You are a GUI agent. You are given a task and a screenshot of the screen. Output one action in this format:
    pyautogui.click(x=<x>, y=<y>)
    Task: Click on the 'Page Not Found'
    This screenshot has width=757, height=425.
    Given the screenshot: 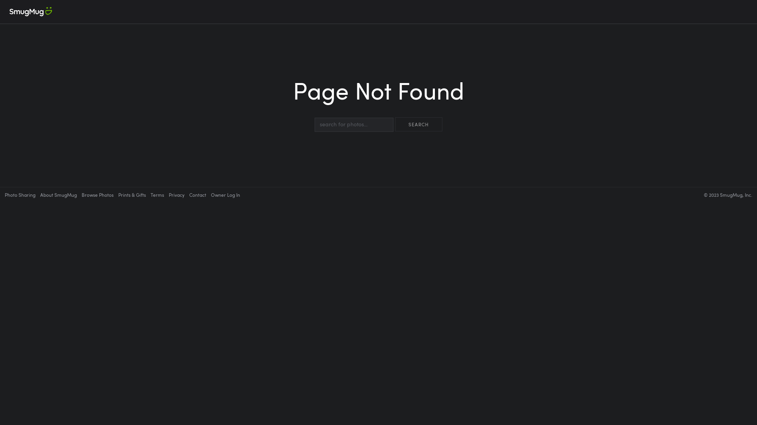 What is the action you would take?
    pyautogui.click(x=378, y=97)
    